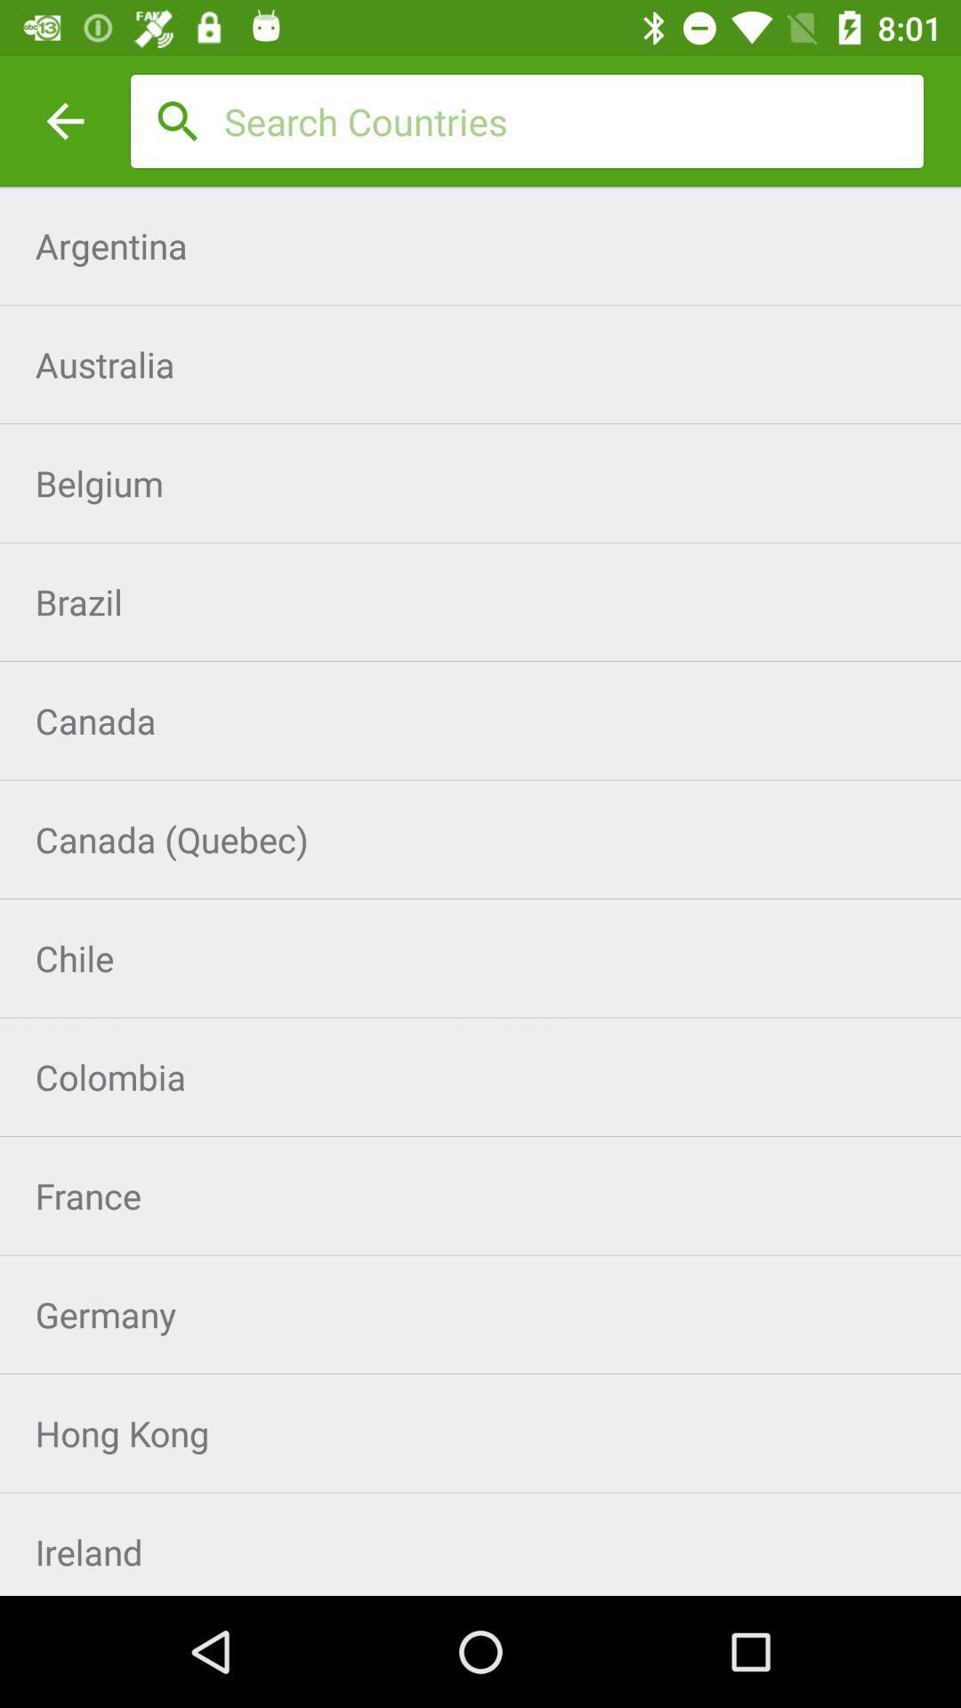 Image resolution: width=961 pixels, height=1708 pixels. Describe the element at coordinates (480, 1314) in the screenshot. I see `icon below the france` at that location.